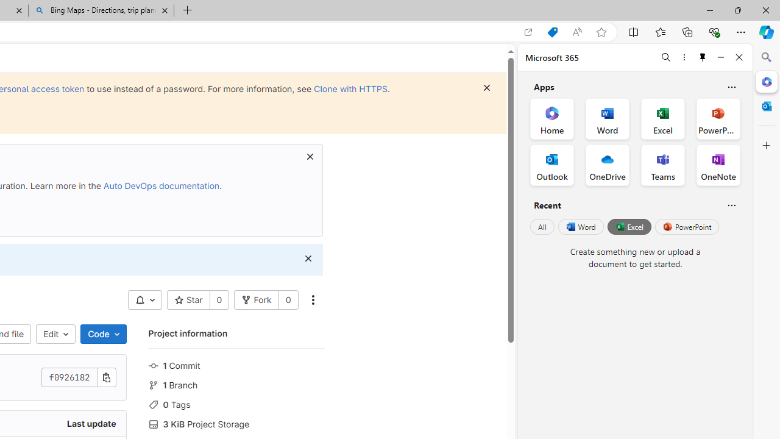 The height and width of the screenshot is (439, 780). I want to click on '1 Branch', so click(236, 384).